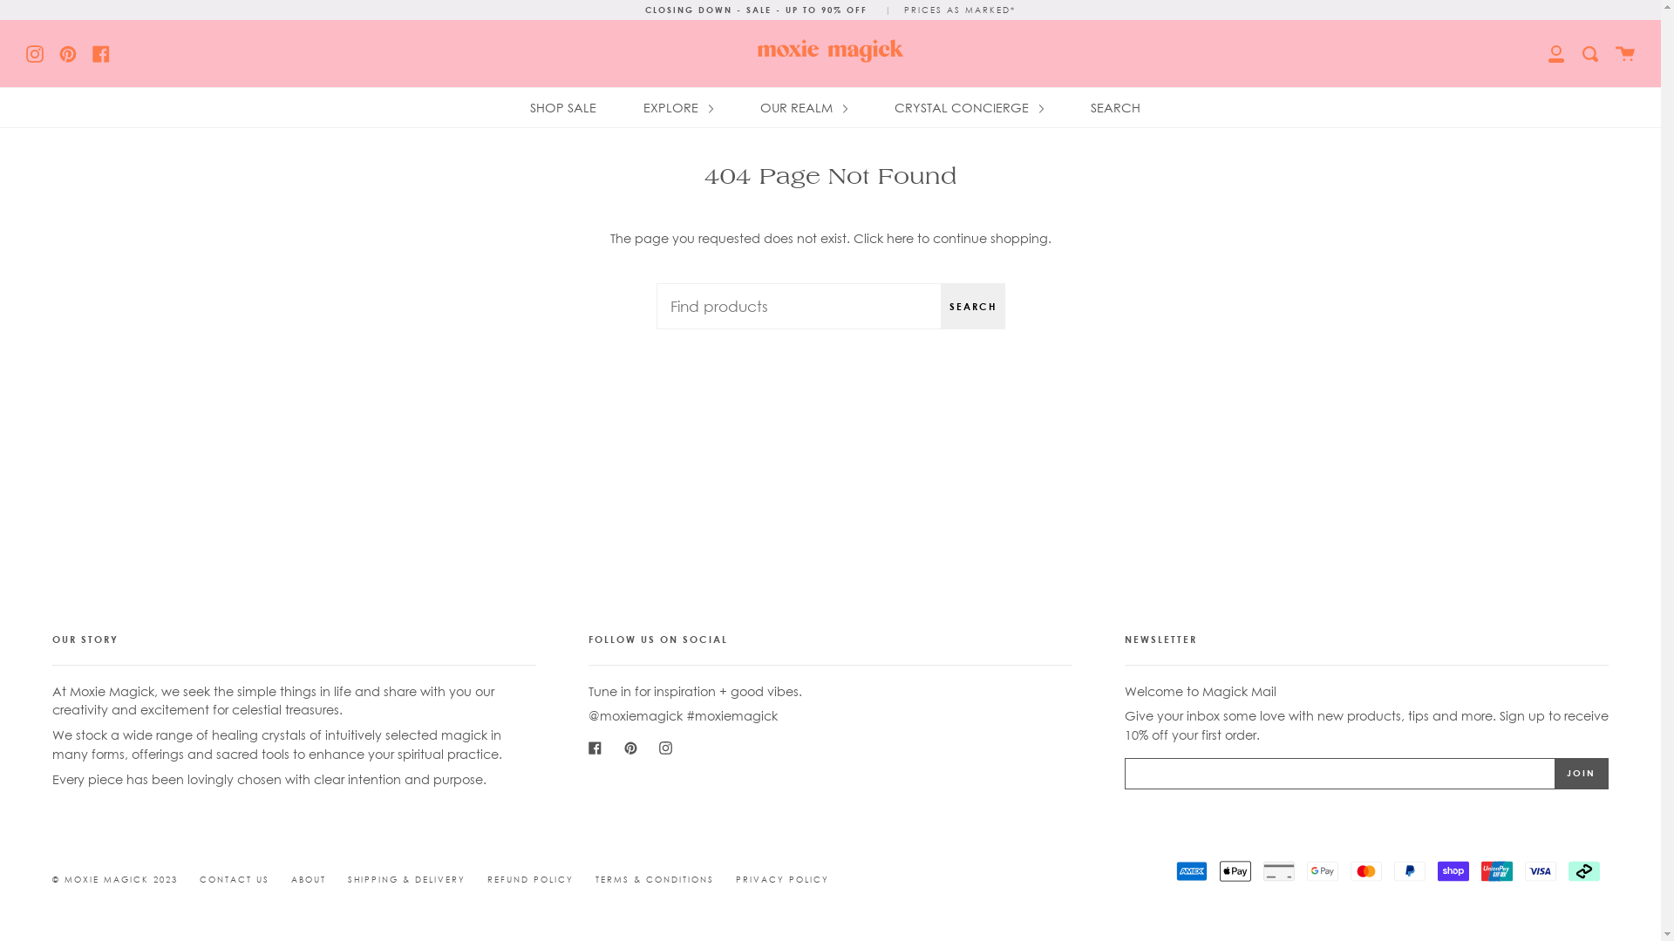 The width and height of the screenshot is (1674, 941). What do you see at coordinates (91, 51) in the screenshot?
I see `'Facebook'` at bounding box center [91, 51].